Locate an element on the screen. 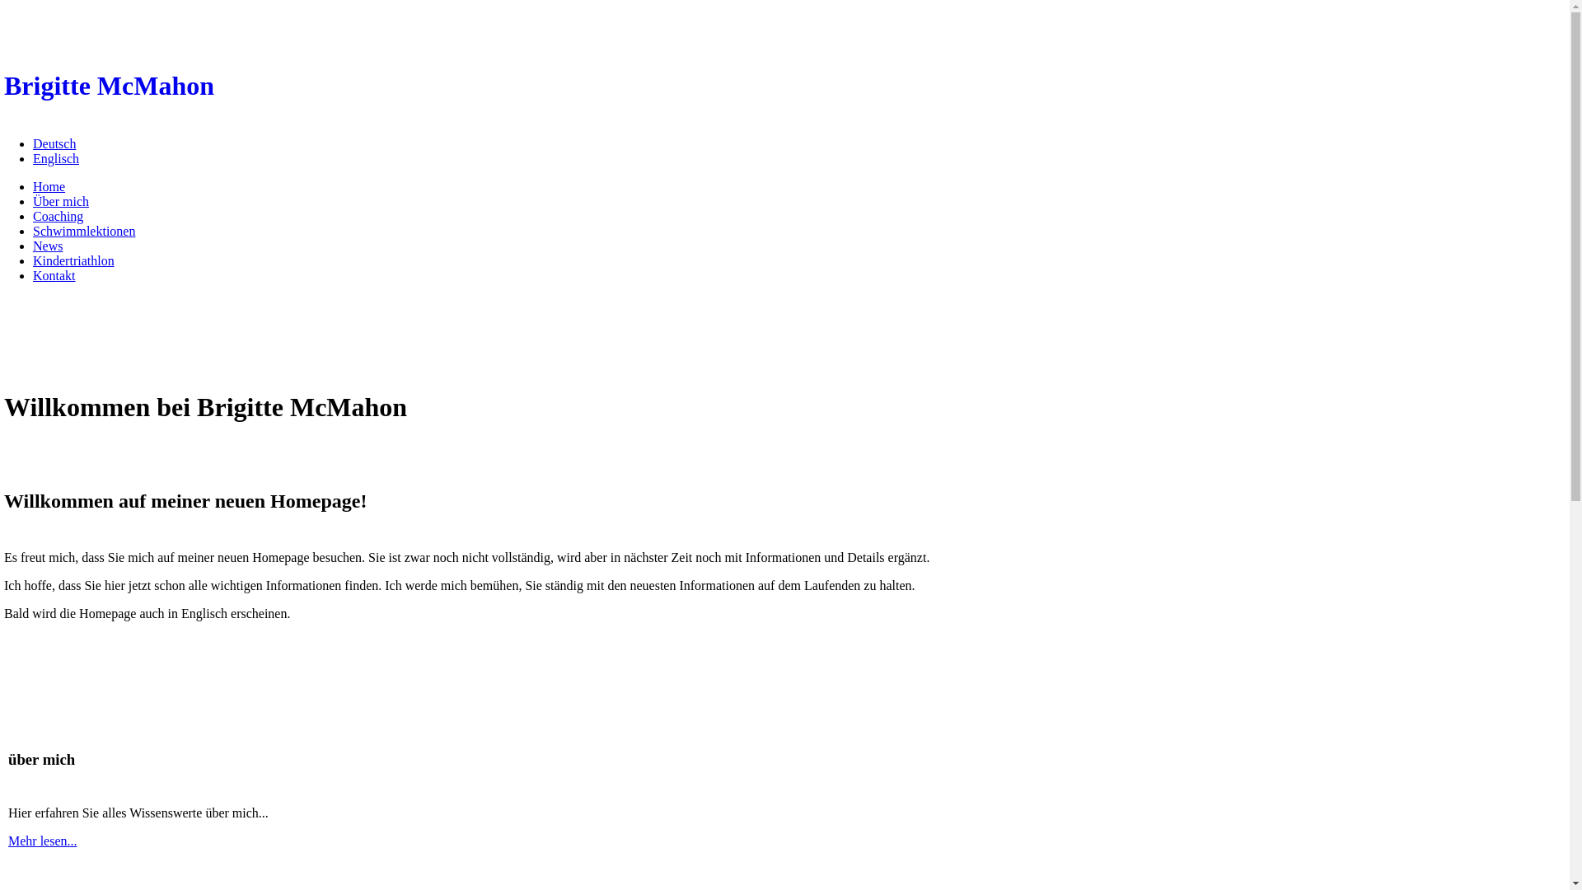 The image size is (1582, 890). 'Kindertriathlon' is located at coordinates (73, 260).